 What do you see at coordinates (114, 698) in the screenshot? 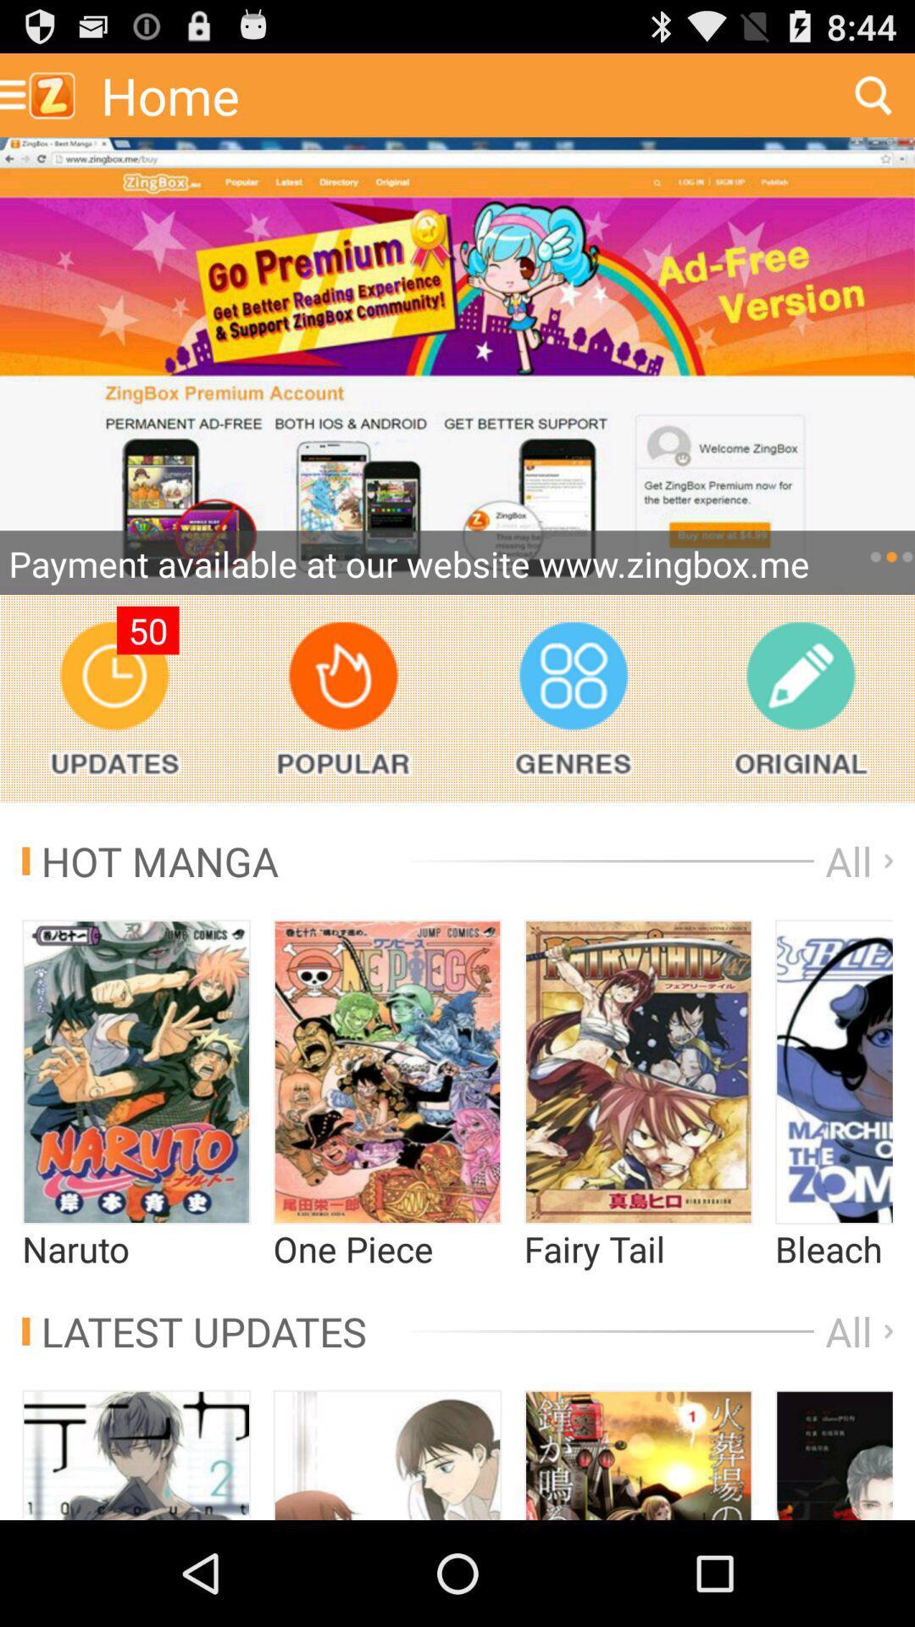
I see `update` at bounding box center [114, 698].